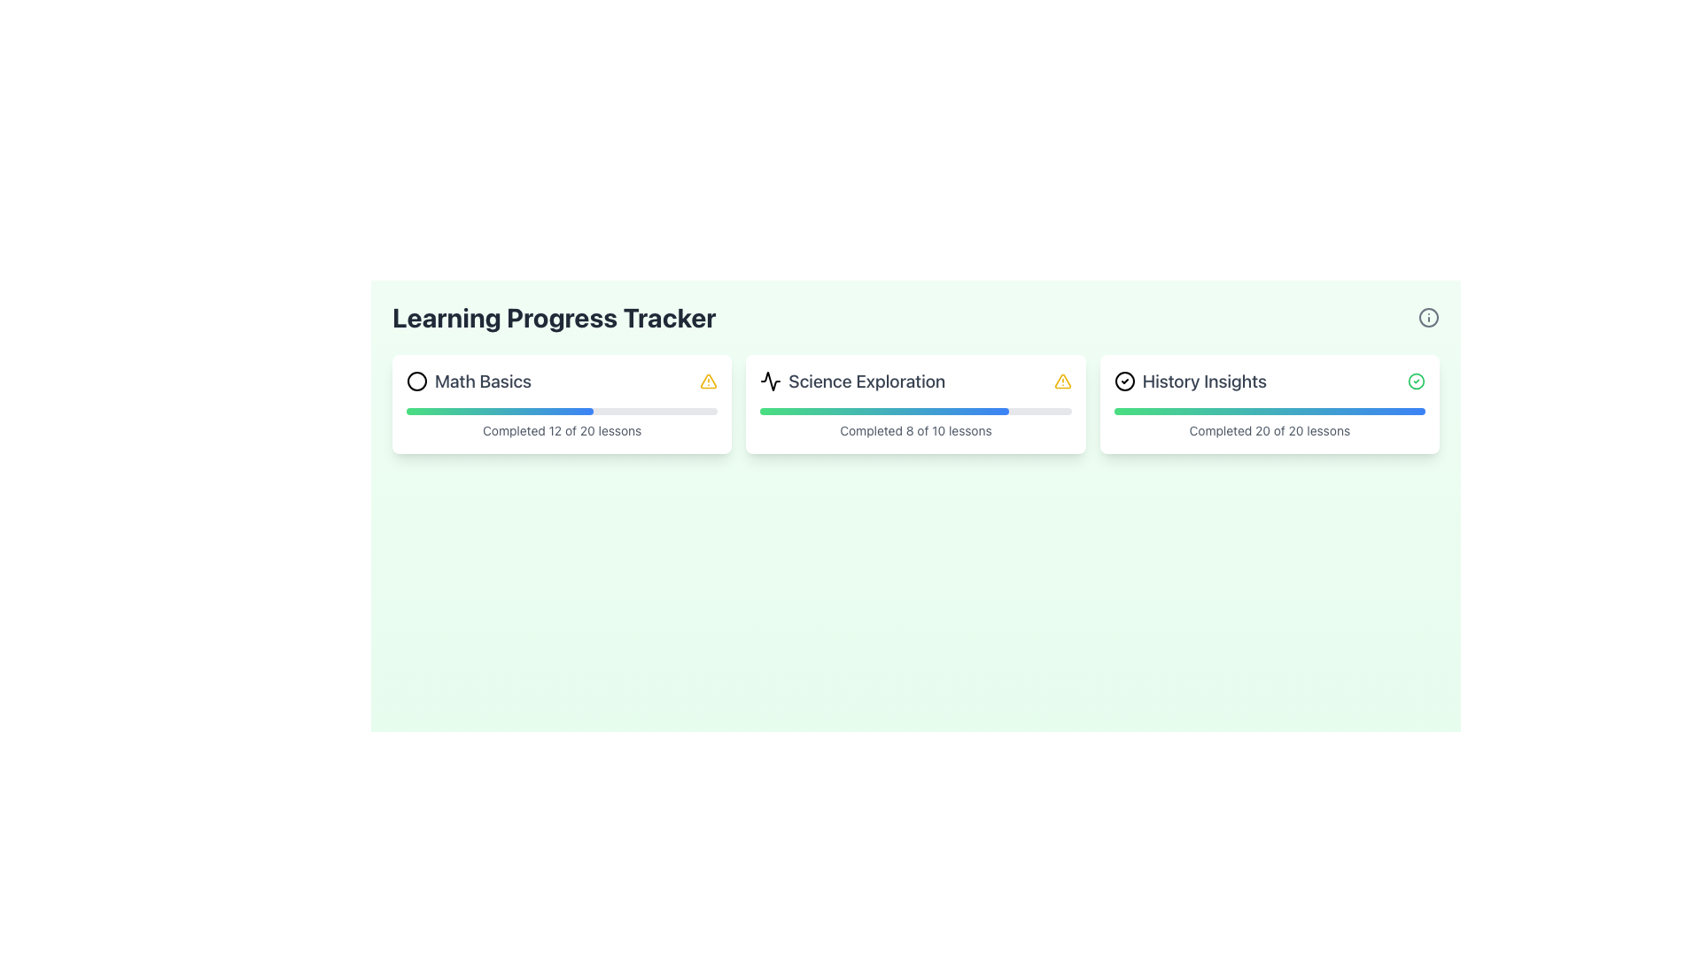 This screenshot has width=1701, height=956. Describe the element at coordinates (852, 381) in the screenshot. I see `the 'Science Exploration' label with an icon, which is centrally located in the second card of the 'Learning Progress Tracker' section, positioned between the 'Math Basics' and 'History Insights' cards` at that location.